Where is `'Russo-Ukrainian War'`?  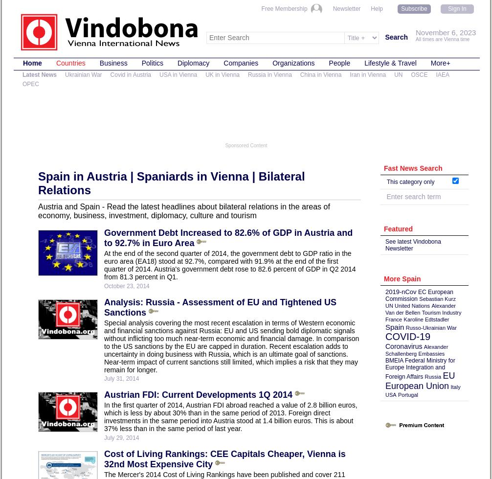
'Russo-Ukrainian War' is located at coordinates (430, 327).